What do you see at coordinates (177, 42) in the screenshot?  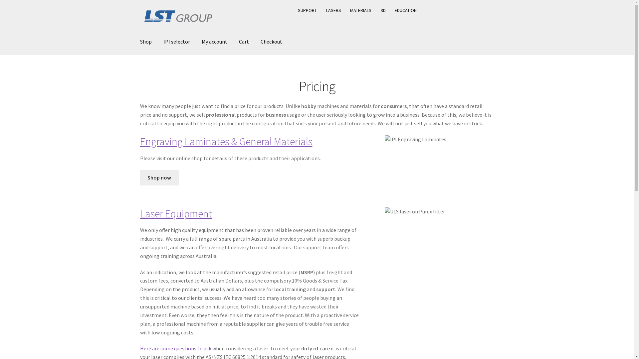 I see `'IPI selector'` at bounding box center [177, 42].